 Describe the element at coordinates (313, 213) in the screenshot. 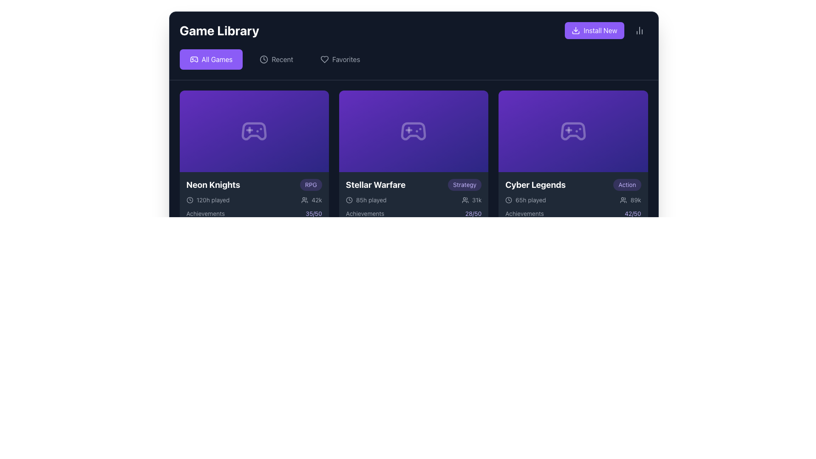

I see `the progress indicator text label displaying '35 out of 50 achievements completed' for the 'Neon Knights' game, located in the bottom-right corner of the card` at that location.